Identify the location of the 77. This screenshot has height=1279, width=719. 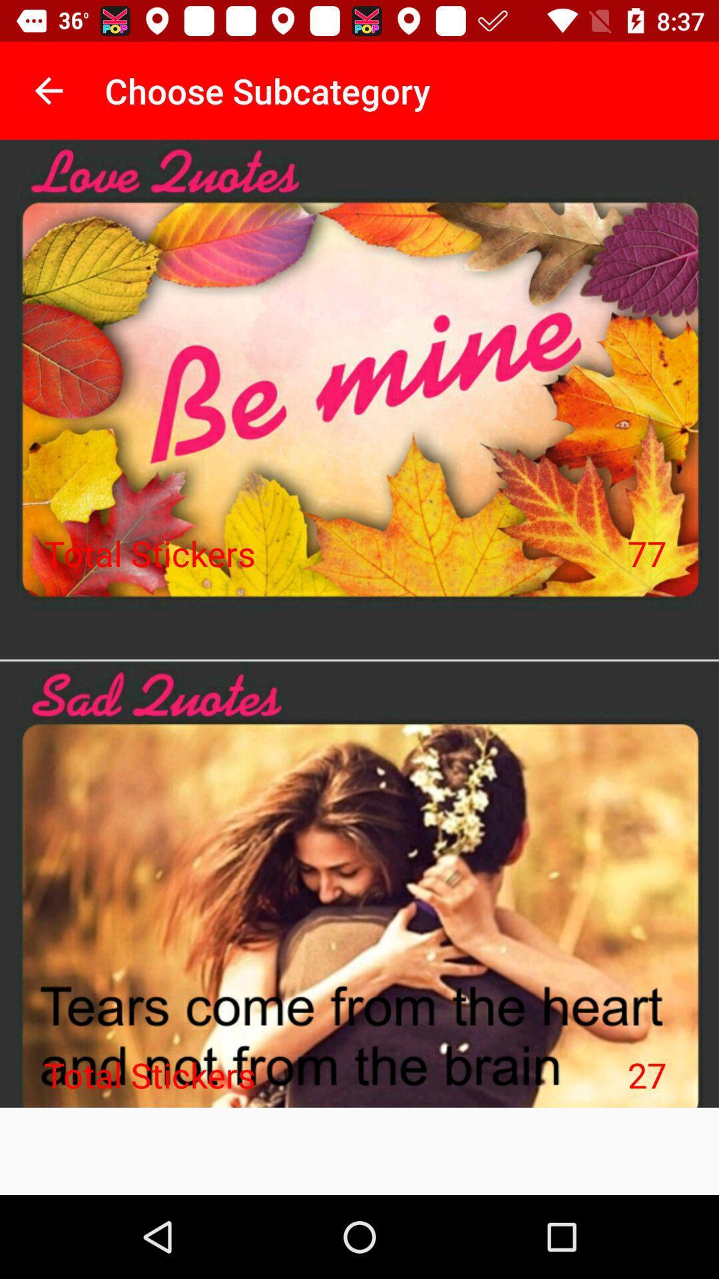
(646, 553).